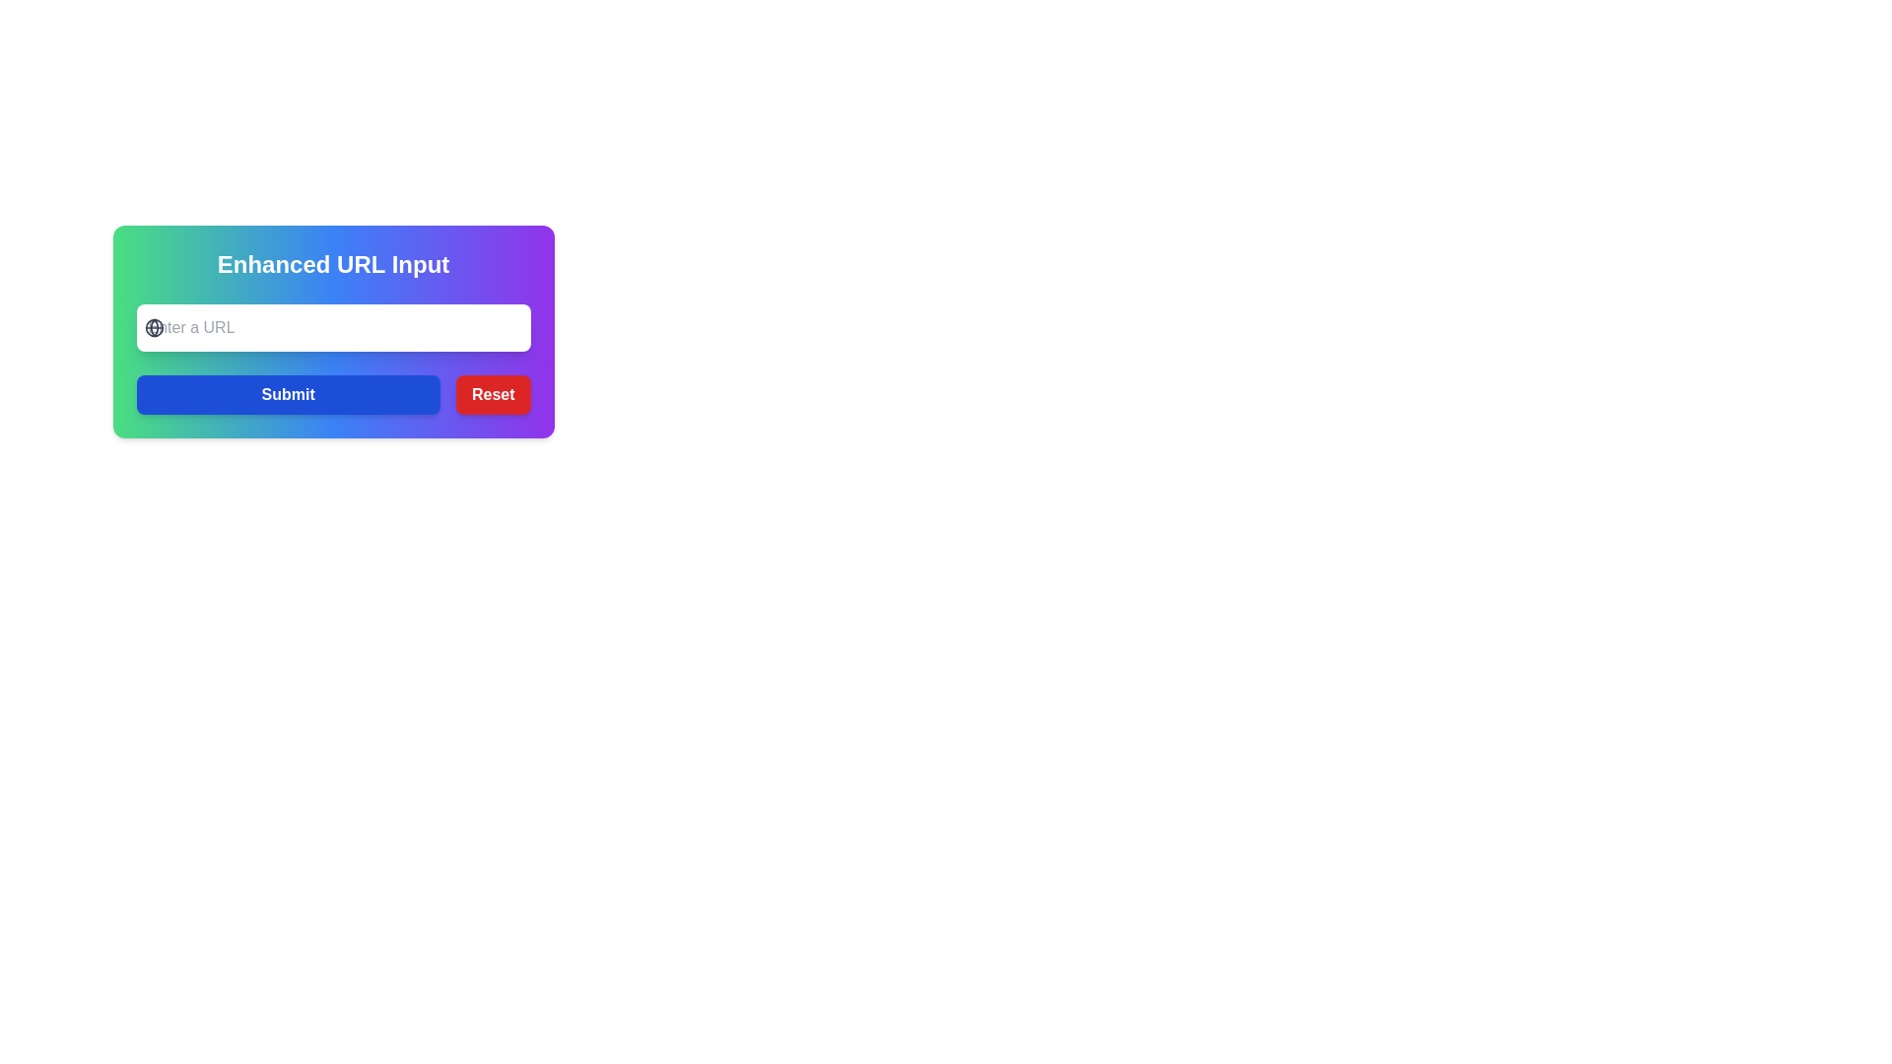 Image resolution: width=1892 pixels, height=1064 pixels. I want to click on the 'Submit' button which is positioned to the left of the 'Reset' button and triggers form submission when clicked, so click(287, 395).